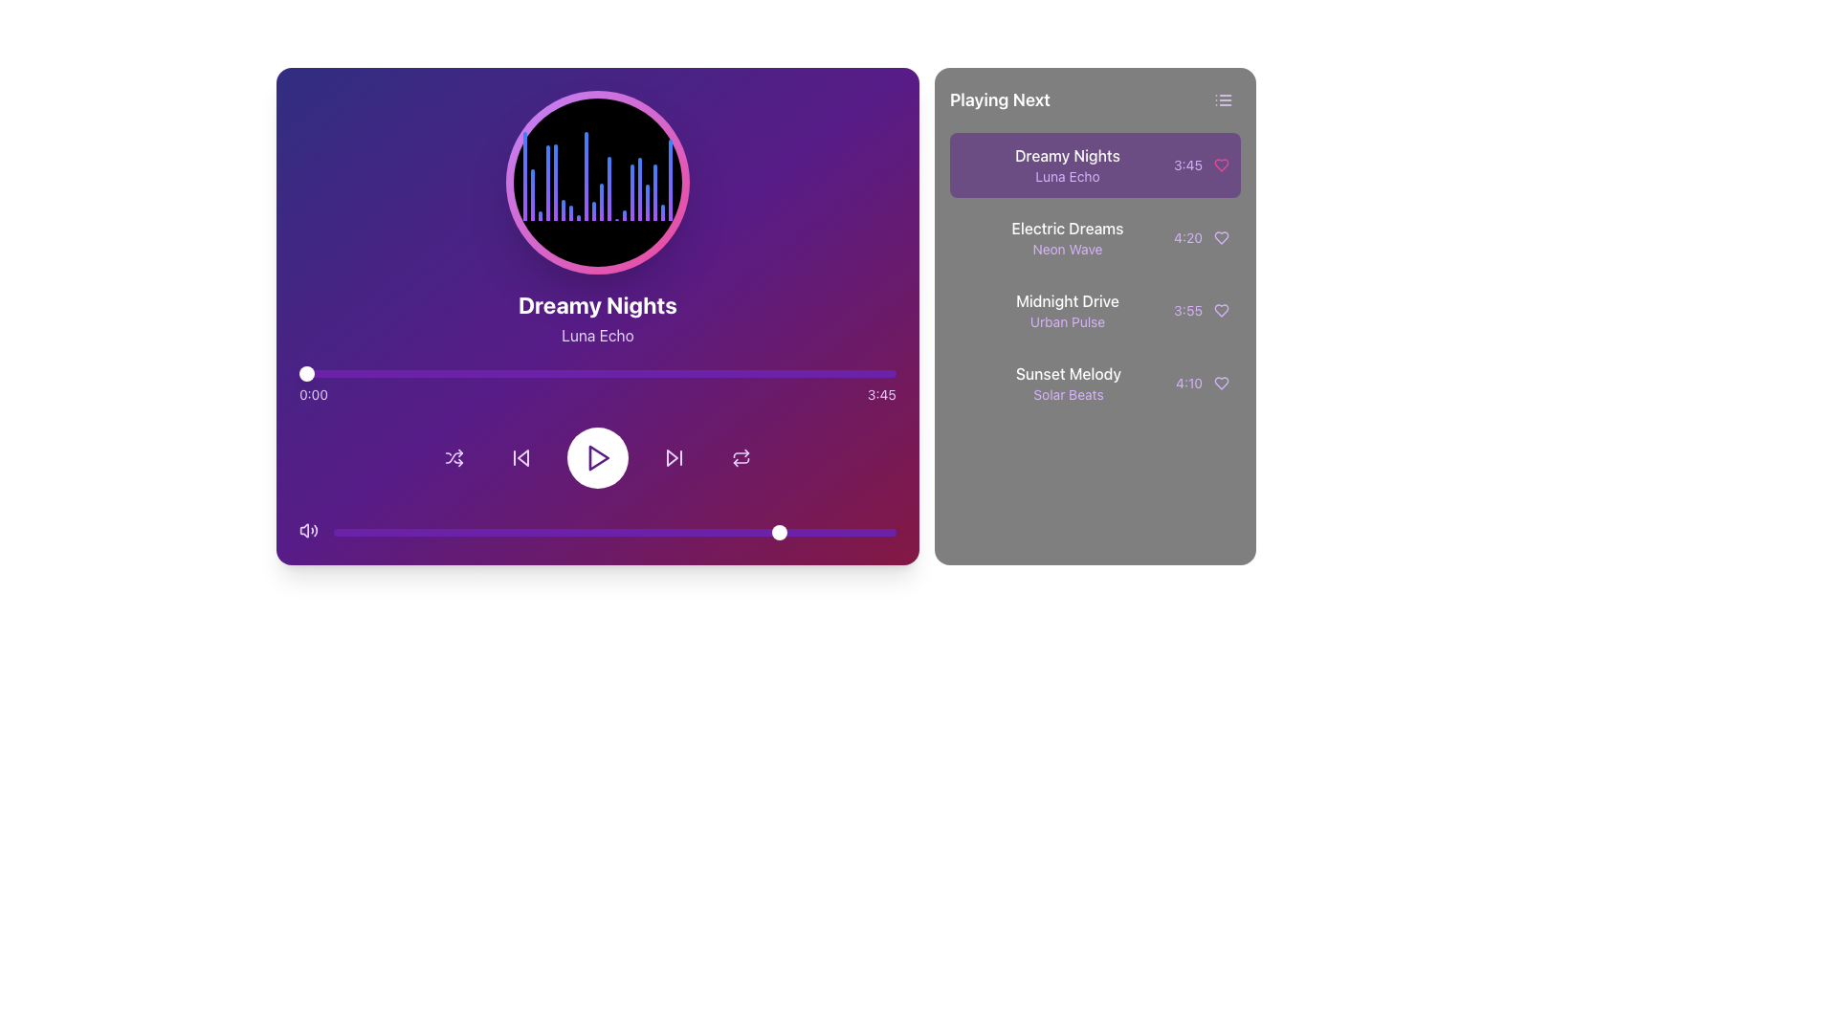  What do you see at coordinates (454, 457) in the screenshot?
I see `the shuffle icon button, which is a white minimalist design with intersecting arrows on a purple background, located in the media control section of the music player` at bounding box center [454, 457].